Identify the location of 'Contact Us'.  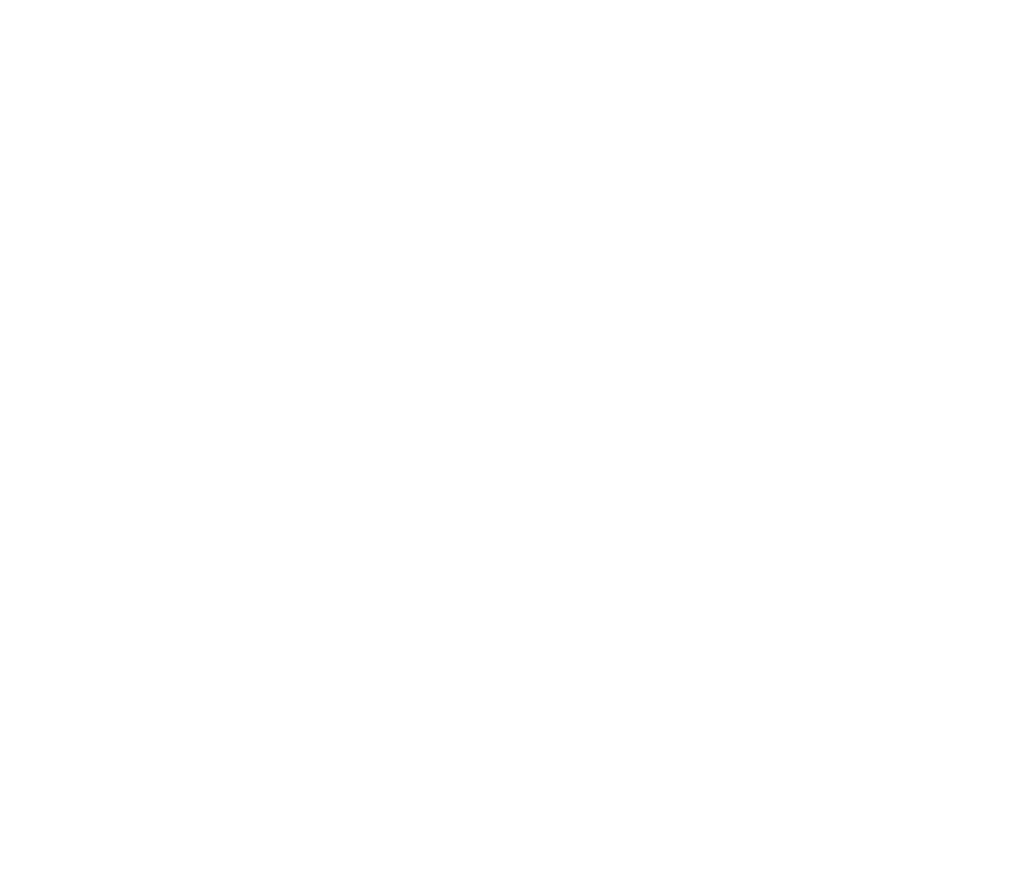
(136, 721).